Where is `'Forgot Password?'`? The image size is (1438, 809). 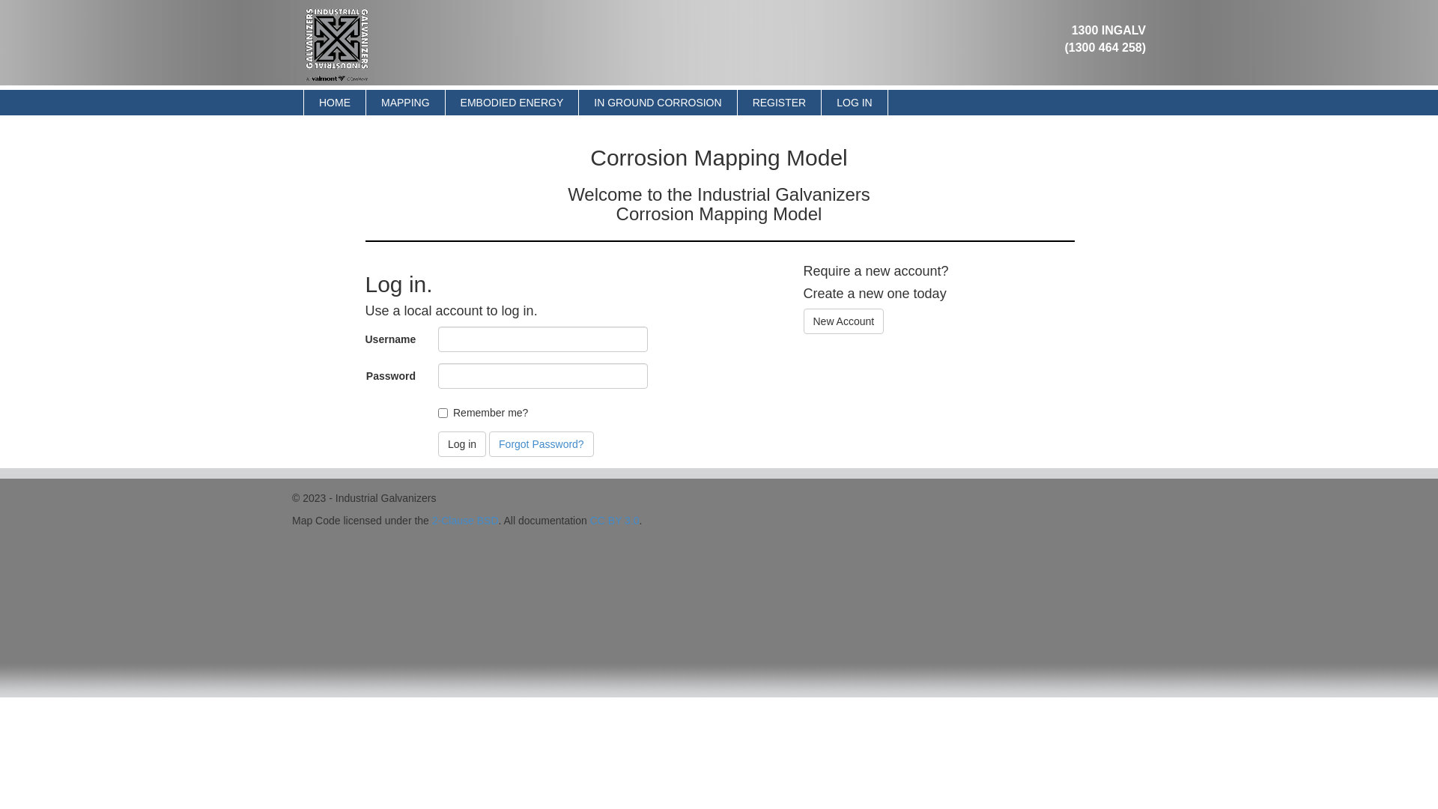
'Forgot Password?' is located at coordinates (499, 443).